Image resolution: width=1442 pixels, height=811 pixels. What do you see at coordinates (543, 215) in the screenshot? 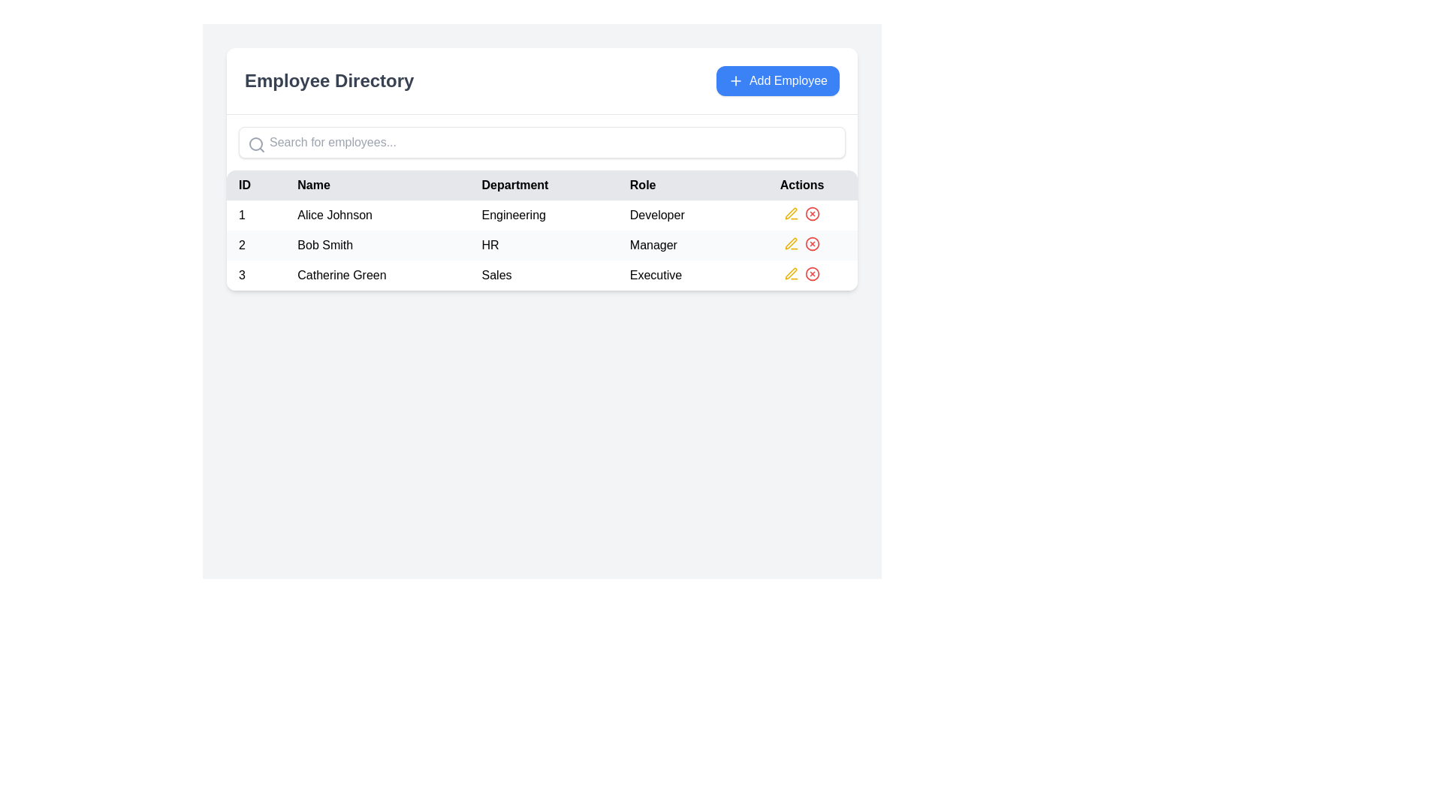
I see `the 'Engineering' text label located in the 'Department' column of the first data row, which is directly to the right of the 'Name' column containing 'Alice Johnson'` at bounding box center [543, 215].